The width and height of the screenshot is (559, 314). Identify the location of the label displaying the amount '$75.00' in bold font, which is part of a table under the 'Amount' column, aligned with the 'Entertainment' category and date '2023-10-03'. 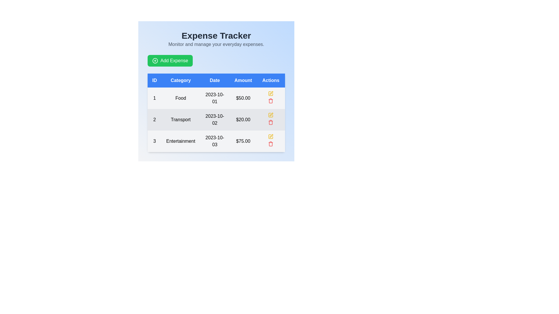
(243, 141).